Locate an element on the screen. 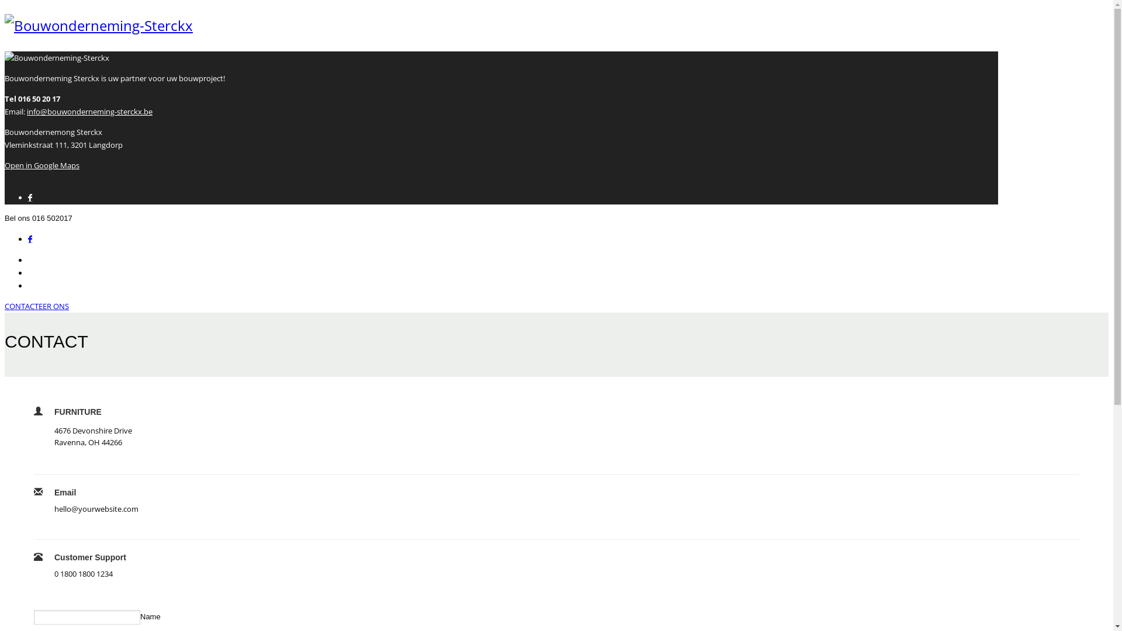 This screenshot has height=631, width=1122. 'Facebook' is located at coordinates (28, 197).